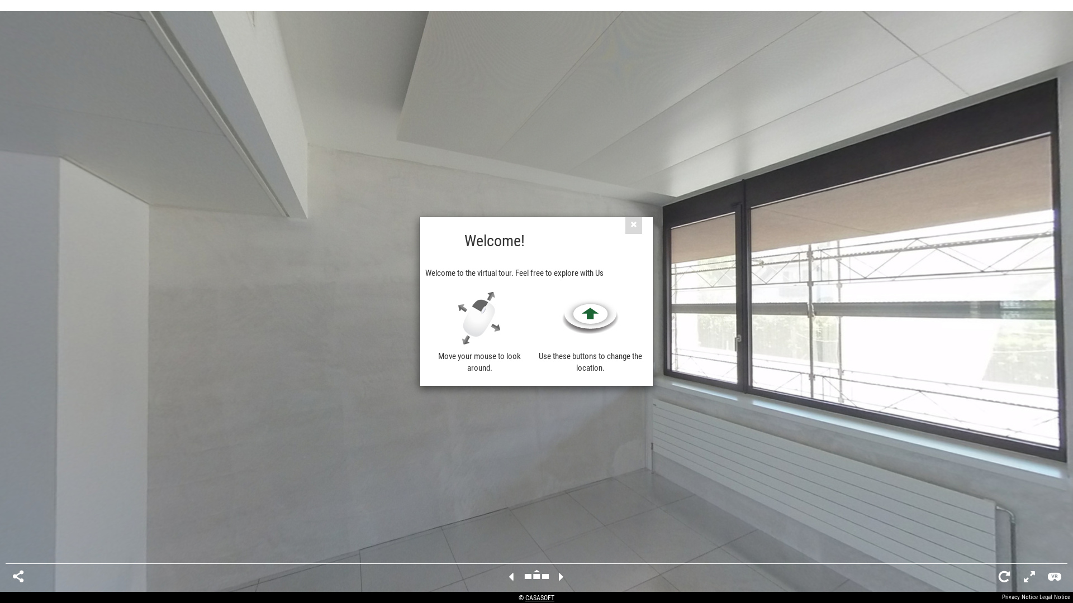 This screenshot has height=603, width=1073. What do you see at coordinates (1004, 577) in the screenshot?
I see `'Rotation'` at bounding box center [1004, 577].